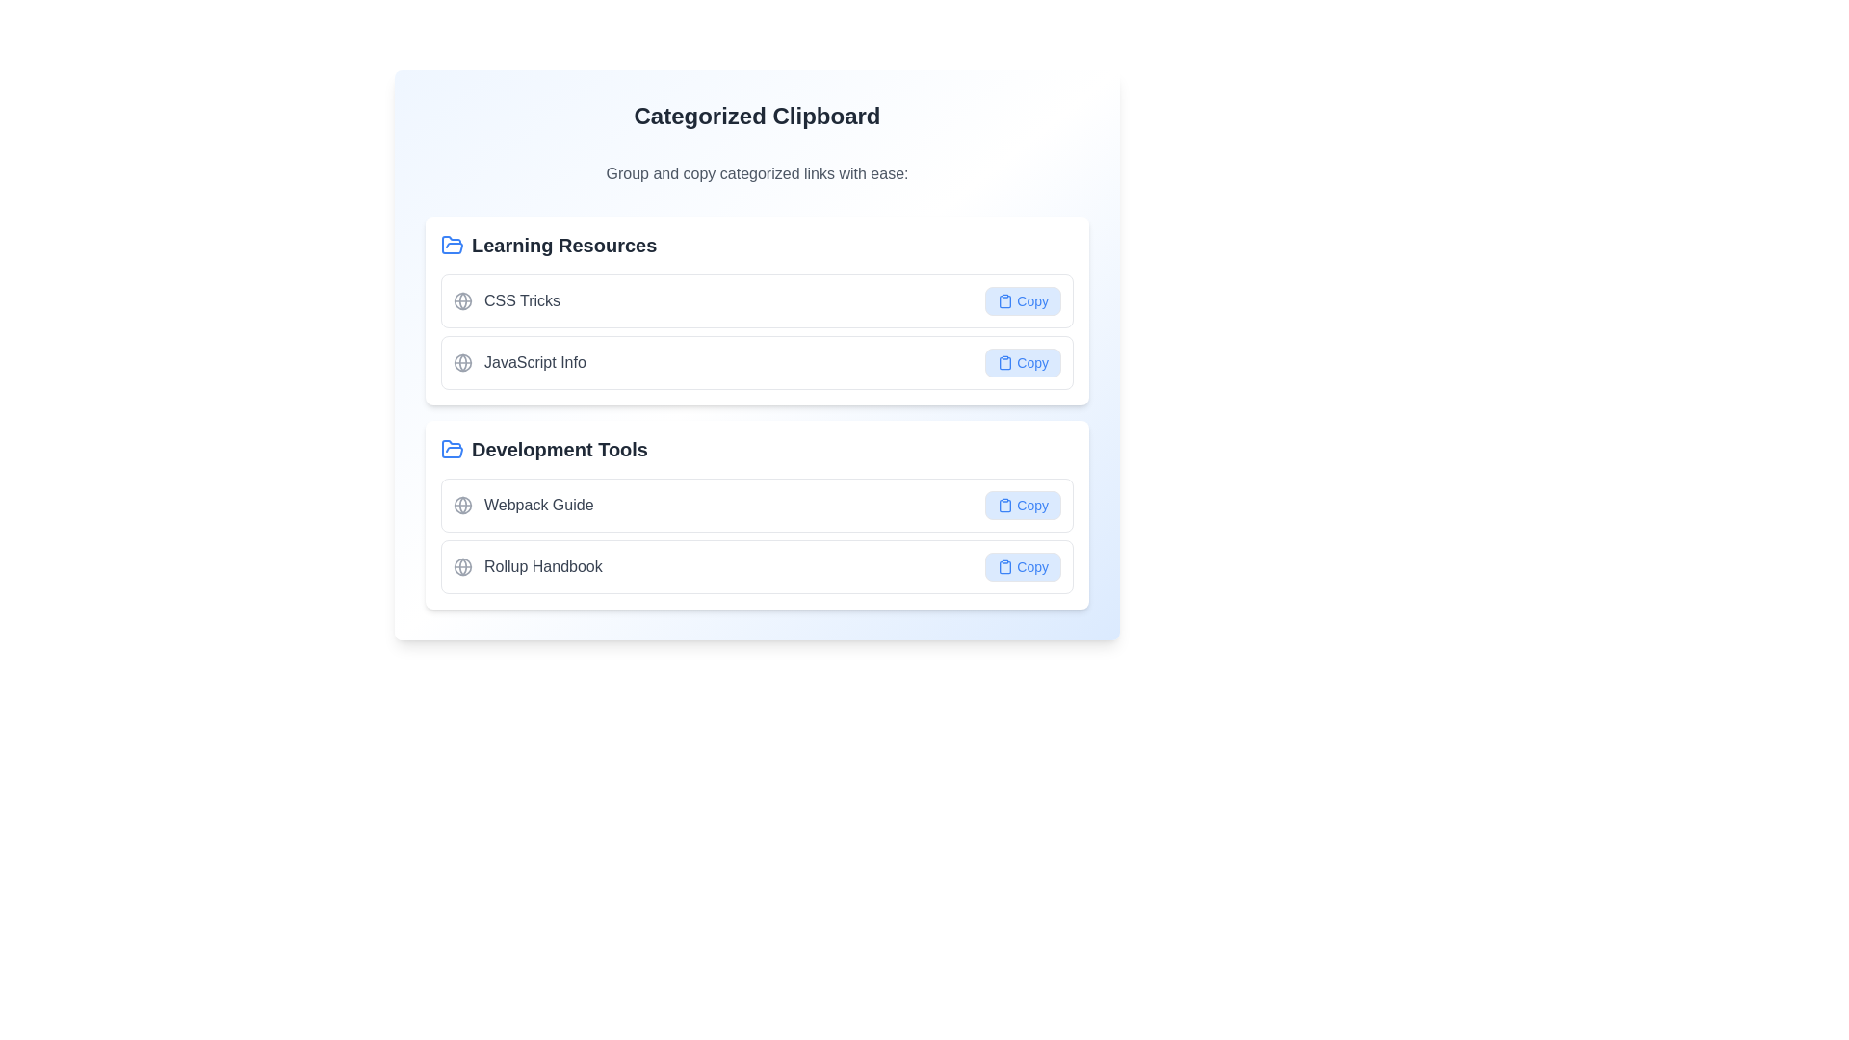 The image size is (1849, 1040). I want to click on the globe icon representing the 'Rollup Handbook', so click(462, 566).